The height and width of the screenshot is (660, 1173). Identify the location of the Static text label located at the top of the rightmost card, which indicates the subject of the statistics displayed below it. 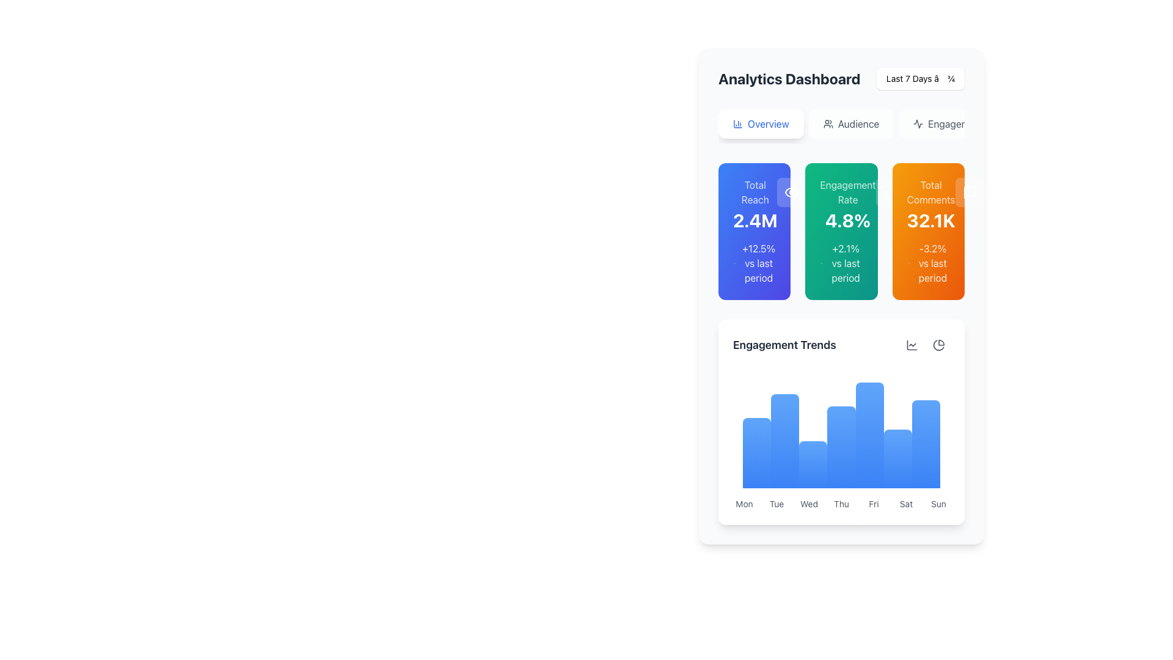
(930, 193).